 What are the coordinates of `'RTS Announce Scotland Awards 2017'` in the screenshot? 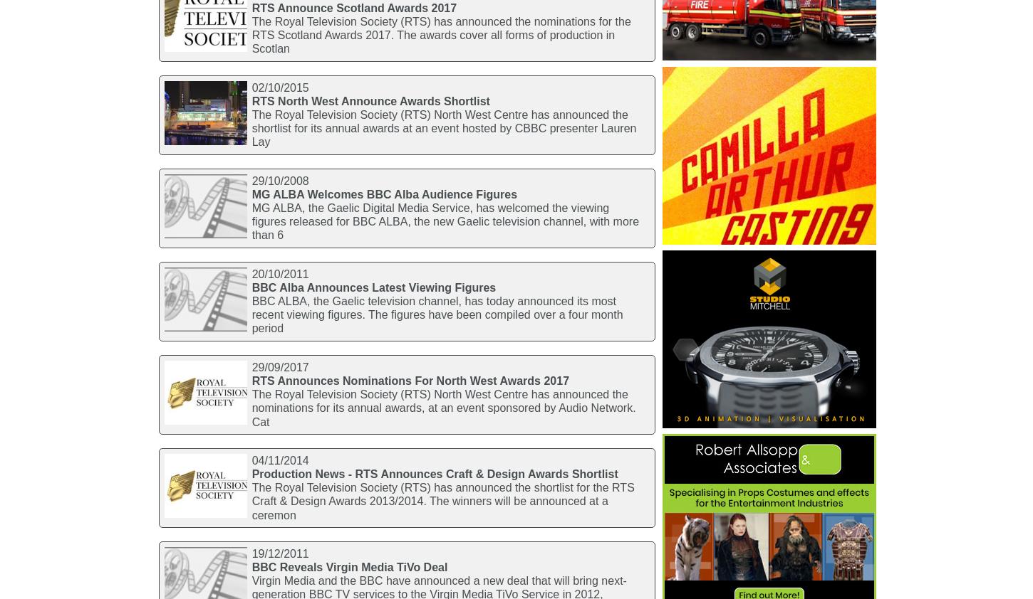 It's located at (354, 6).